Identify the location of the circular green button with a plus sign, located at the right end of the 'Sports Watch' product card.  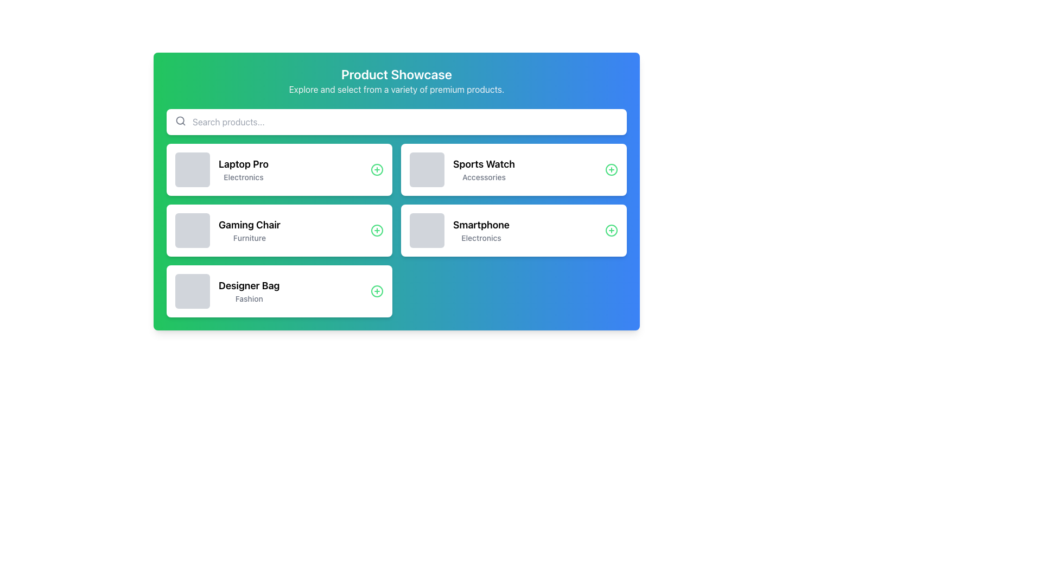
(612, 169).